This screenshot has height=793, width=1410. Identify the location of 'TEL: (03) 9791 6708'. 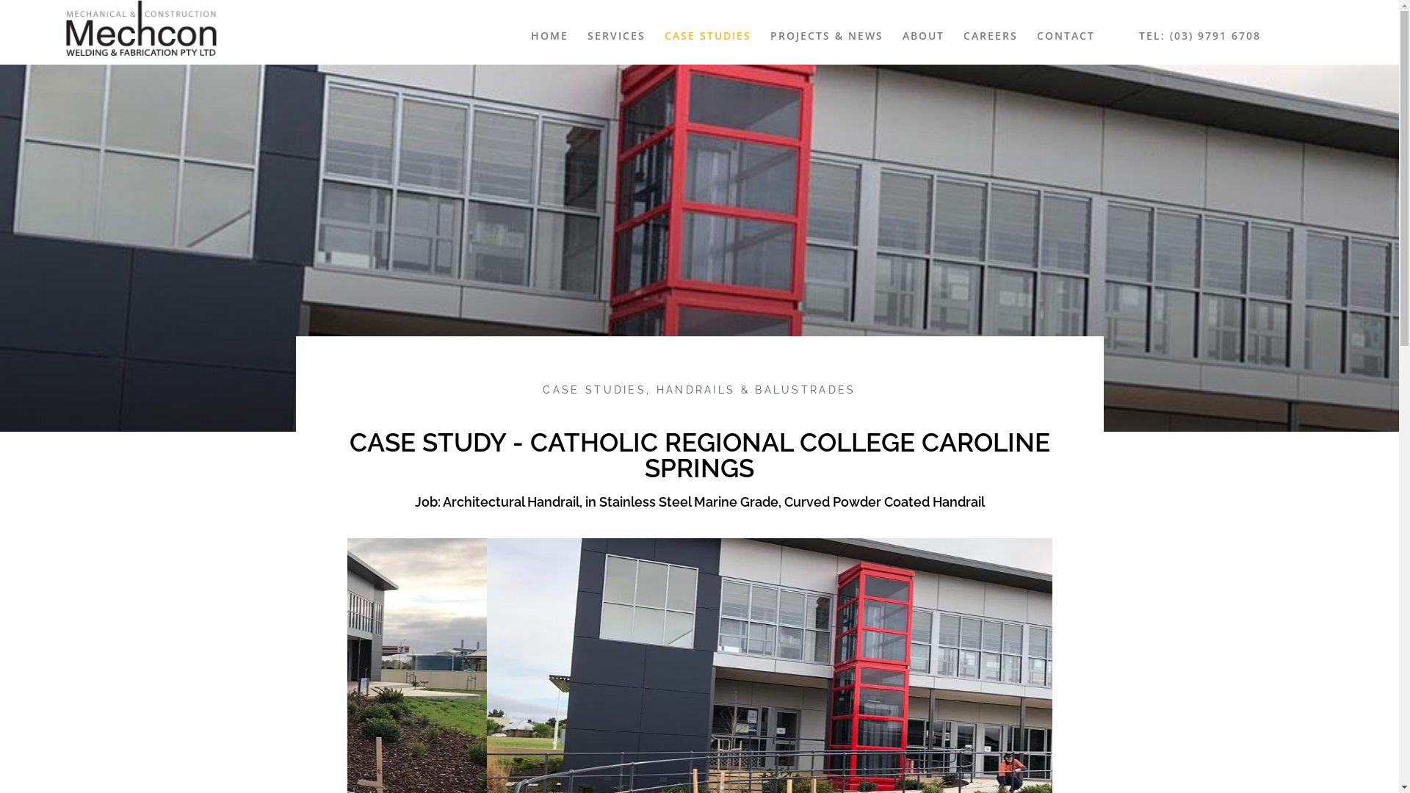
(1199, 35).